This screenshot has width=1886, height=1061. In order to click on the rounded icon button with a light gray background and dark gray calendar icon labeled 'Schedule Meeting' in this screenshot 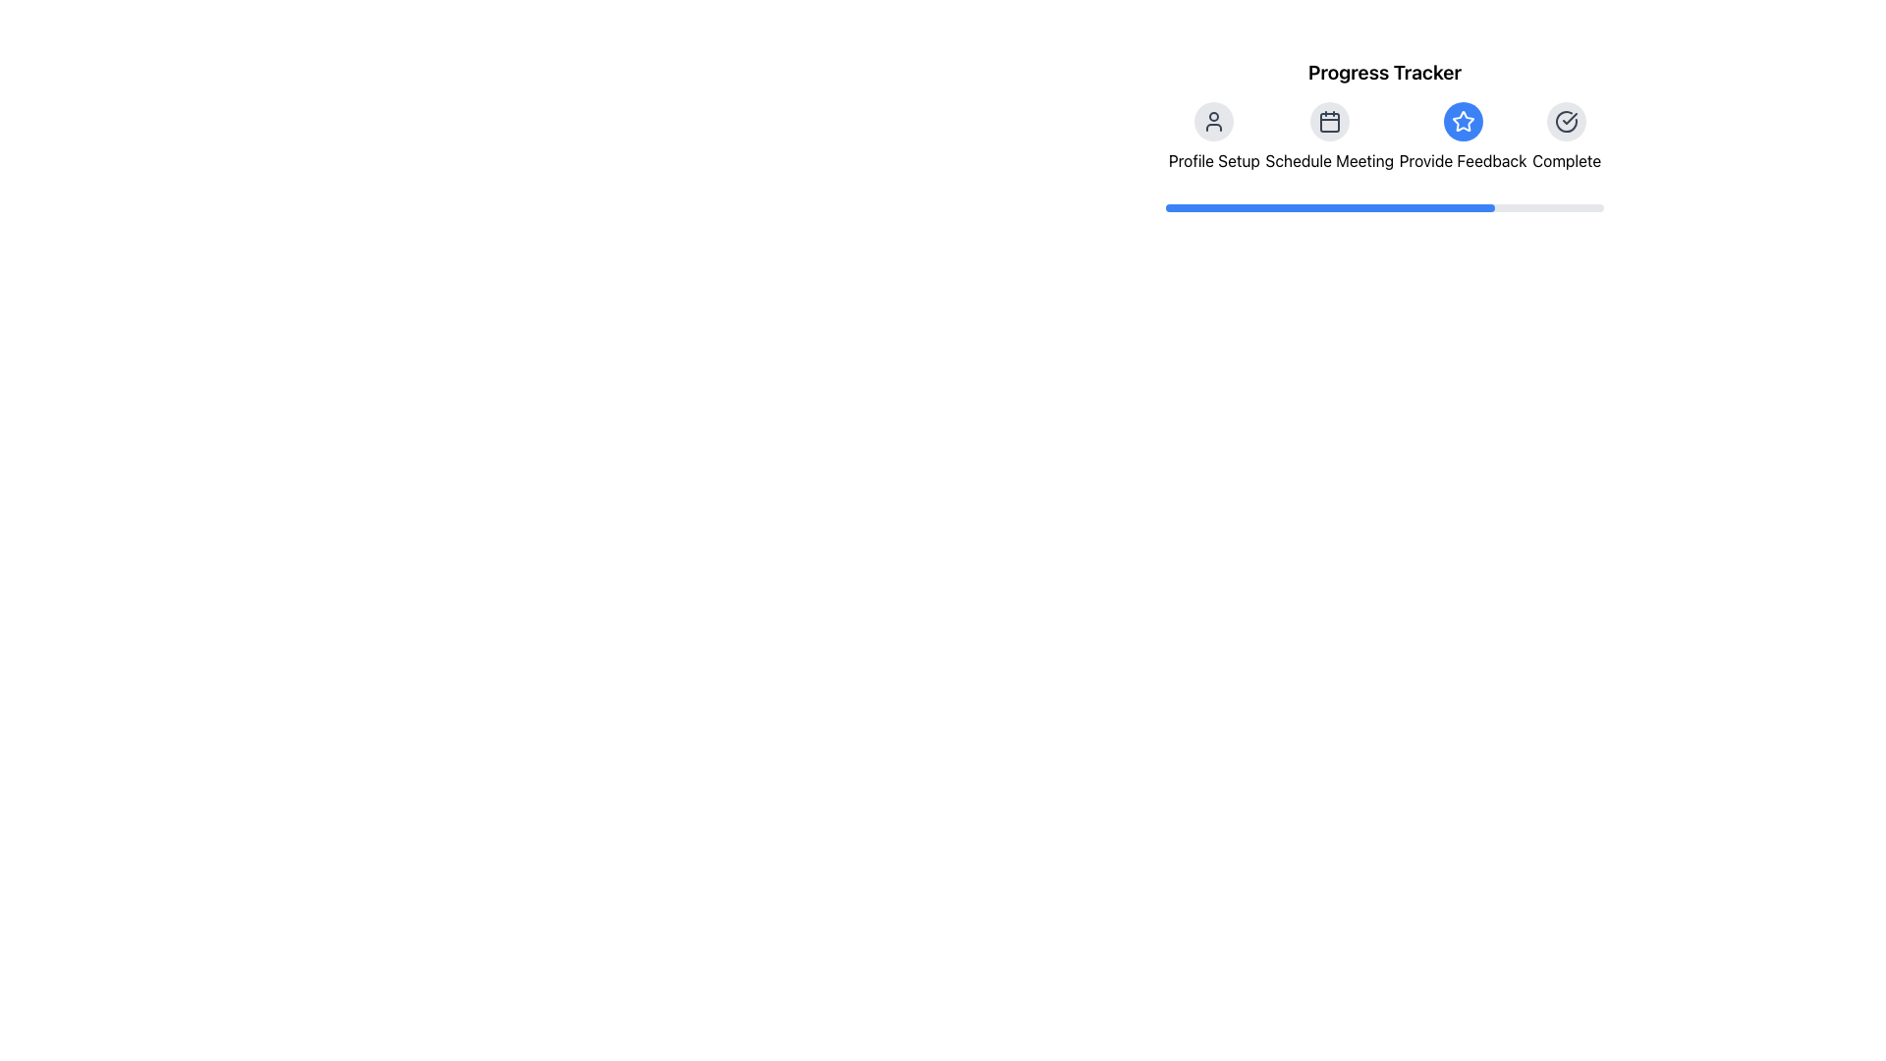, I will do `click(1329, 121)`.